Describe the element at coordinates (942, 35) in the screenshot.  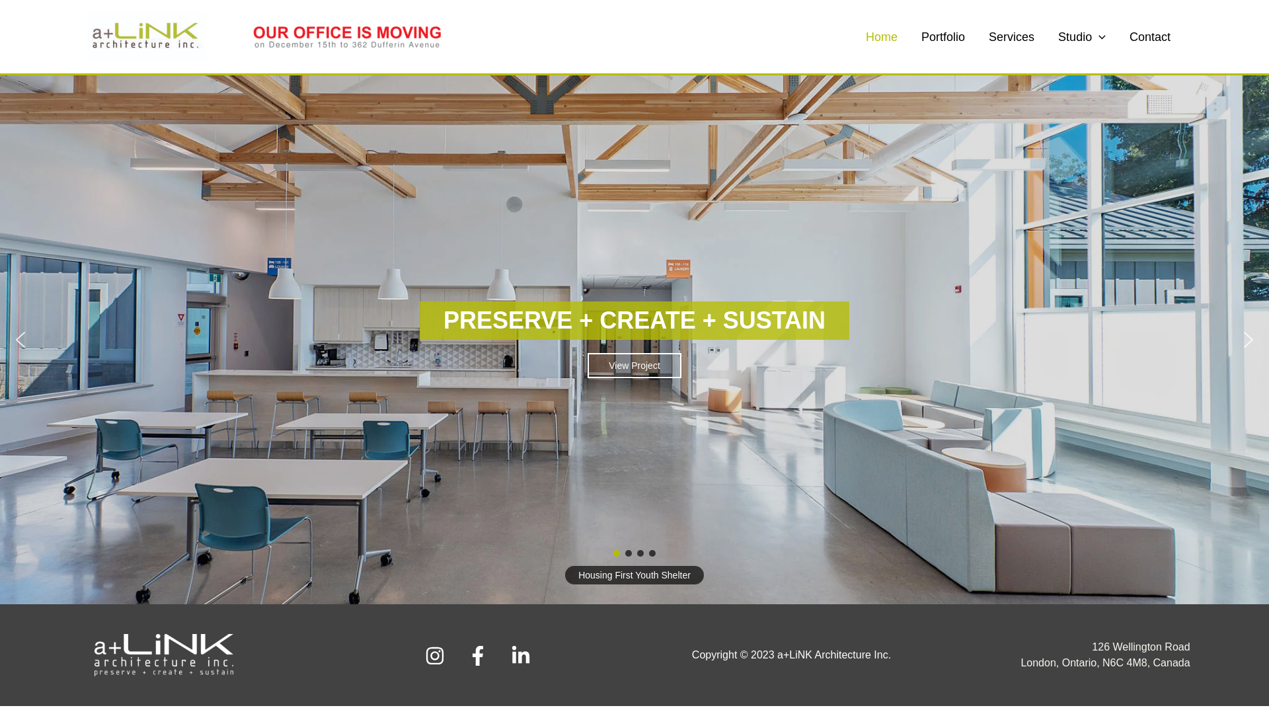
I see `'Portfolio'` at that location.